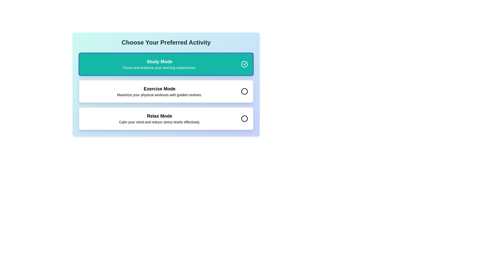 This screenshot has width=484, height=272. Describe the element at coordinates (159, 67) in the screenshot. I see `the descriptive text for the 'Study Mode' option, which is centrally aligned beneath the 'Study Mode' text in the green rectangular area` at that location.